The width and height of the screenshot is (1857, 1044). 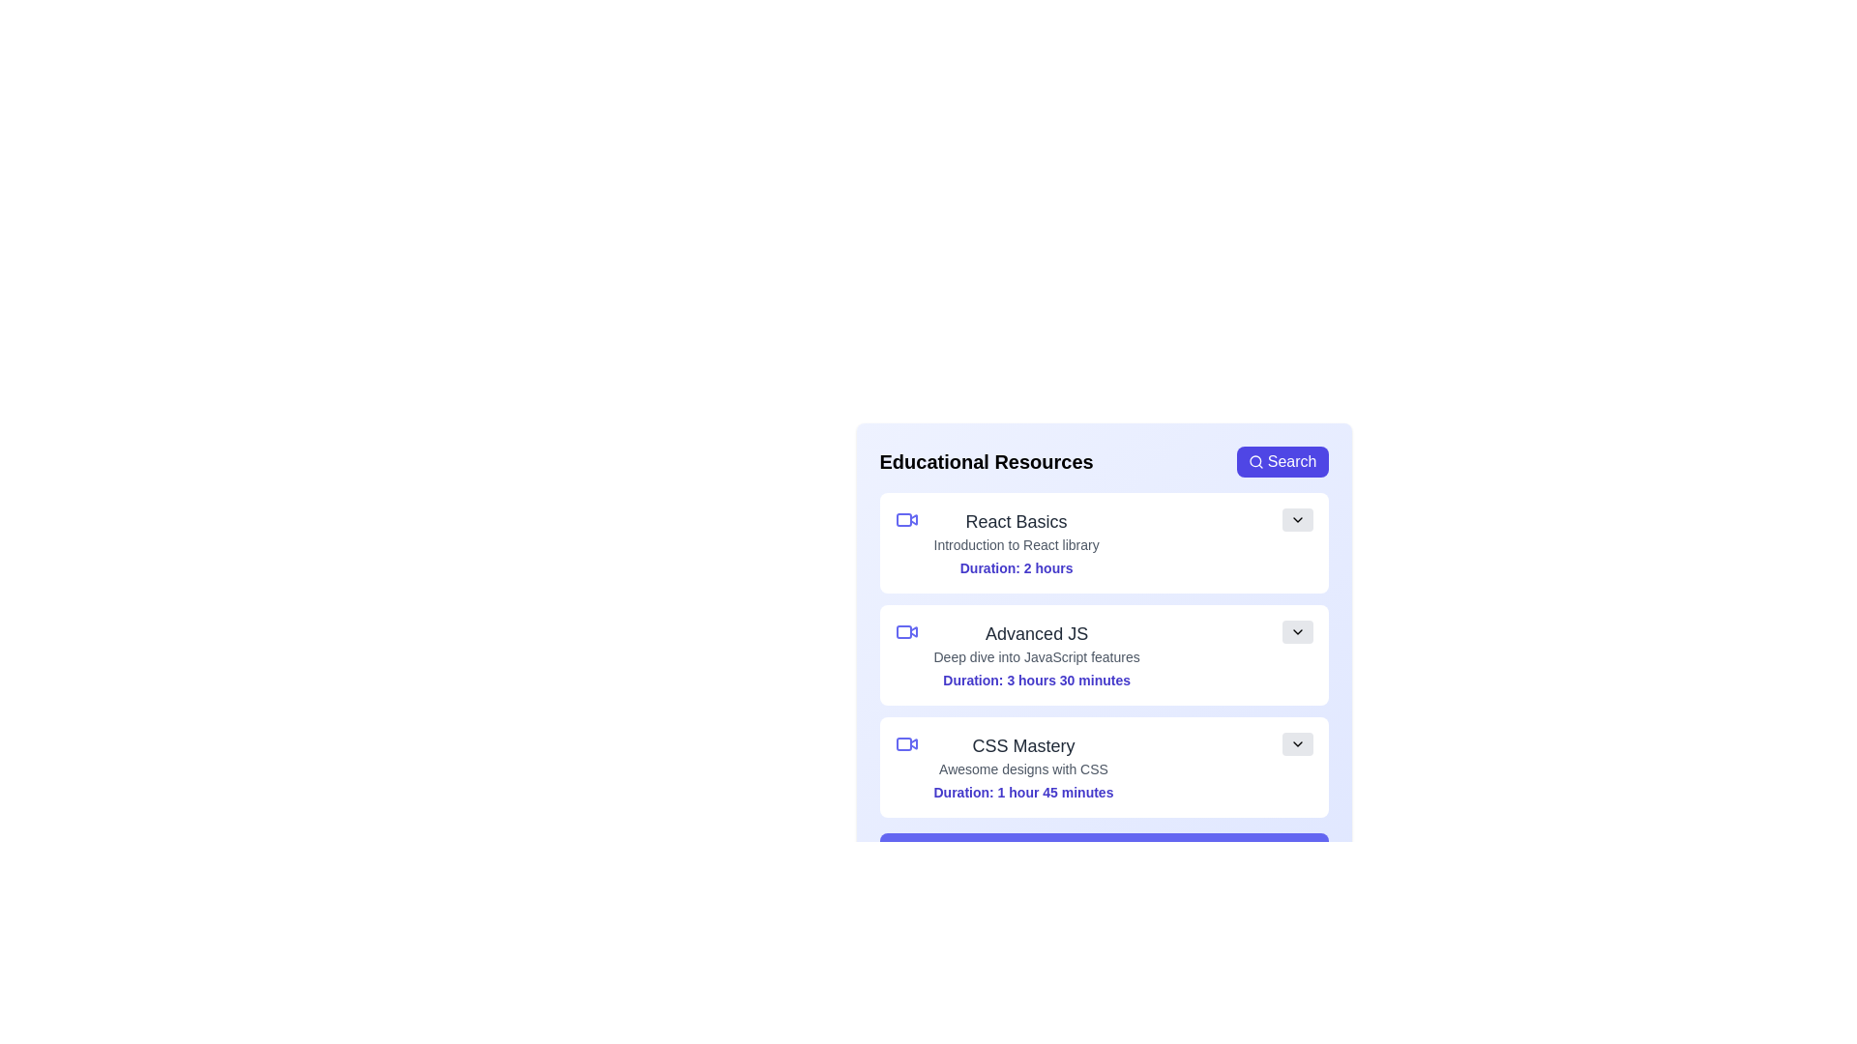 I want to click on chevron button of the resource titled 'CSS Mastery' to toggle its details, so click(x=1297, y=743).